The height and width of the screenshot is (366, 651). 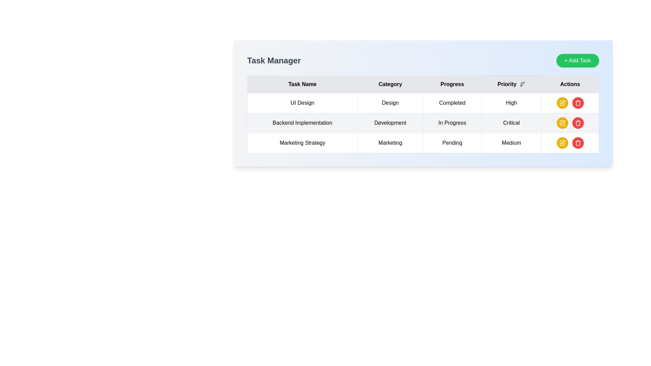 I want to click on the yellow circular button with a pen icon inside, located in the rightmost column of the second row of the table, so click(x=562, y=123).